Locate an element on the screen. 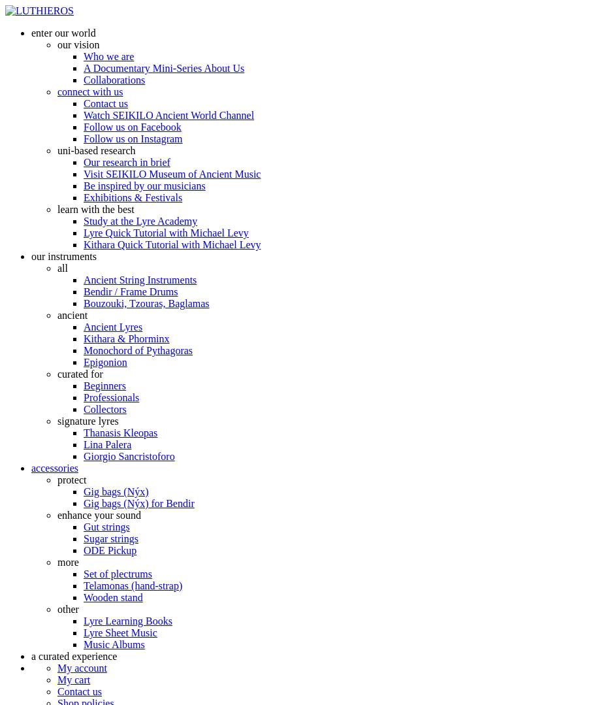 Image resolution: width=593 pixels, height=705 pixels. 'Gut strings' is located at coordinates (105, 526).